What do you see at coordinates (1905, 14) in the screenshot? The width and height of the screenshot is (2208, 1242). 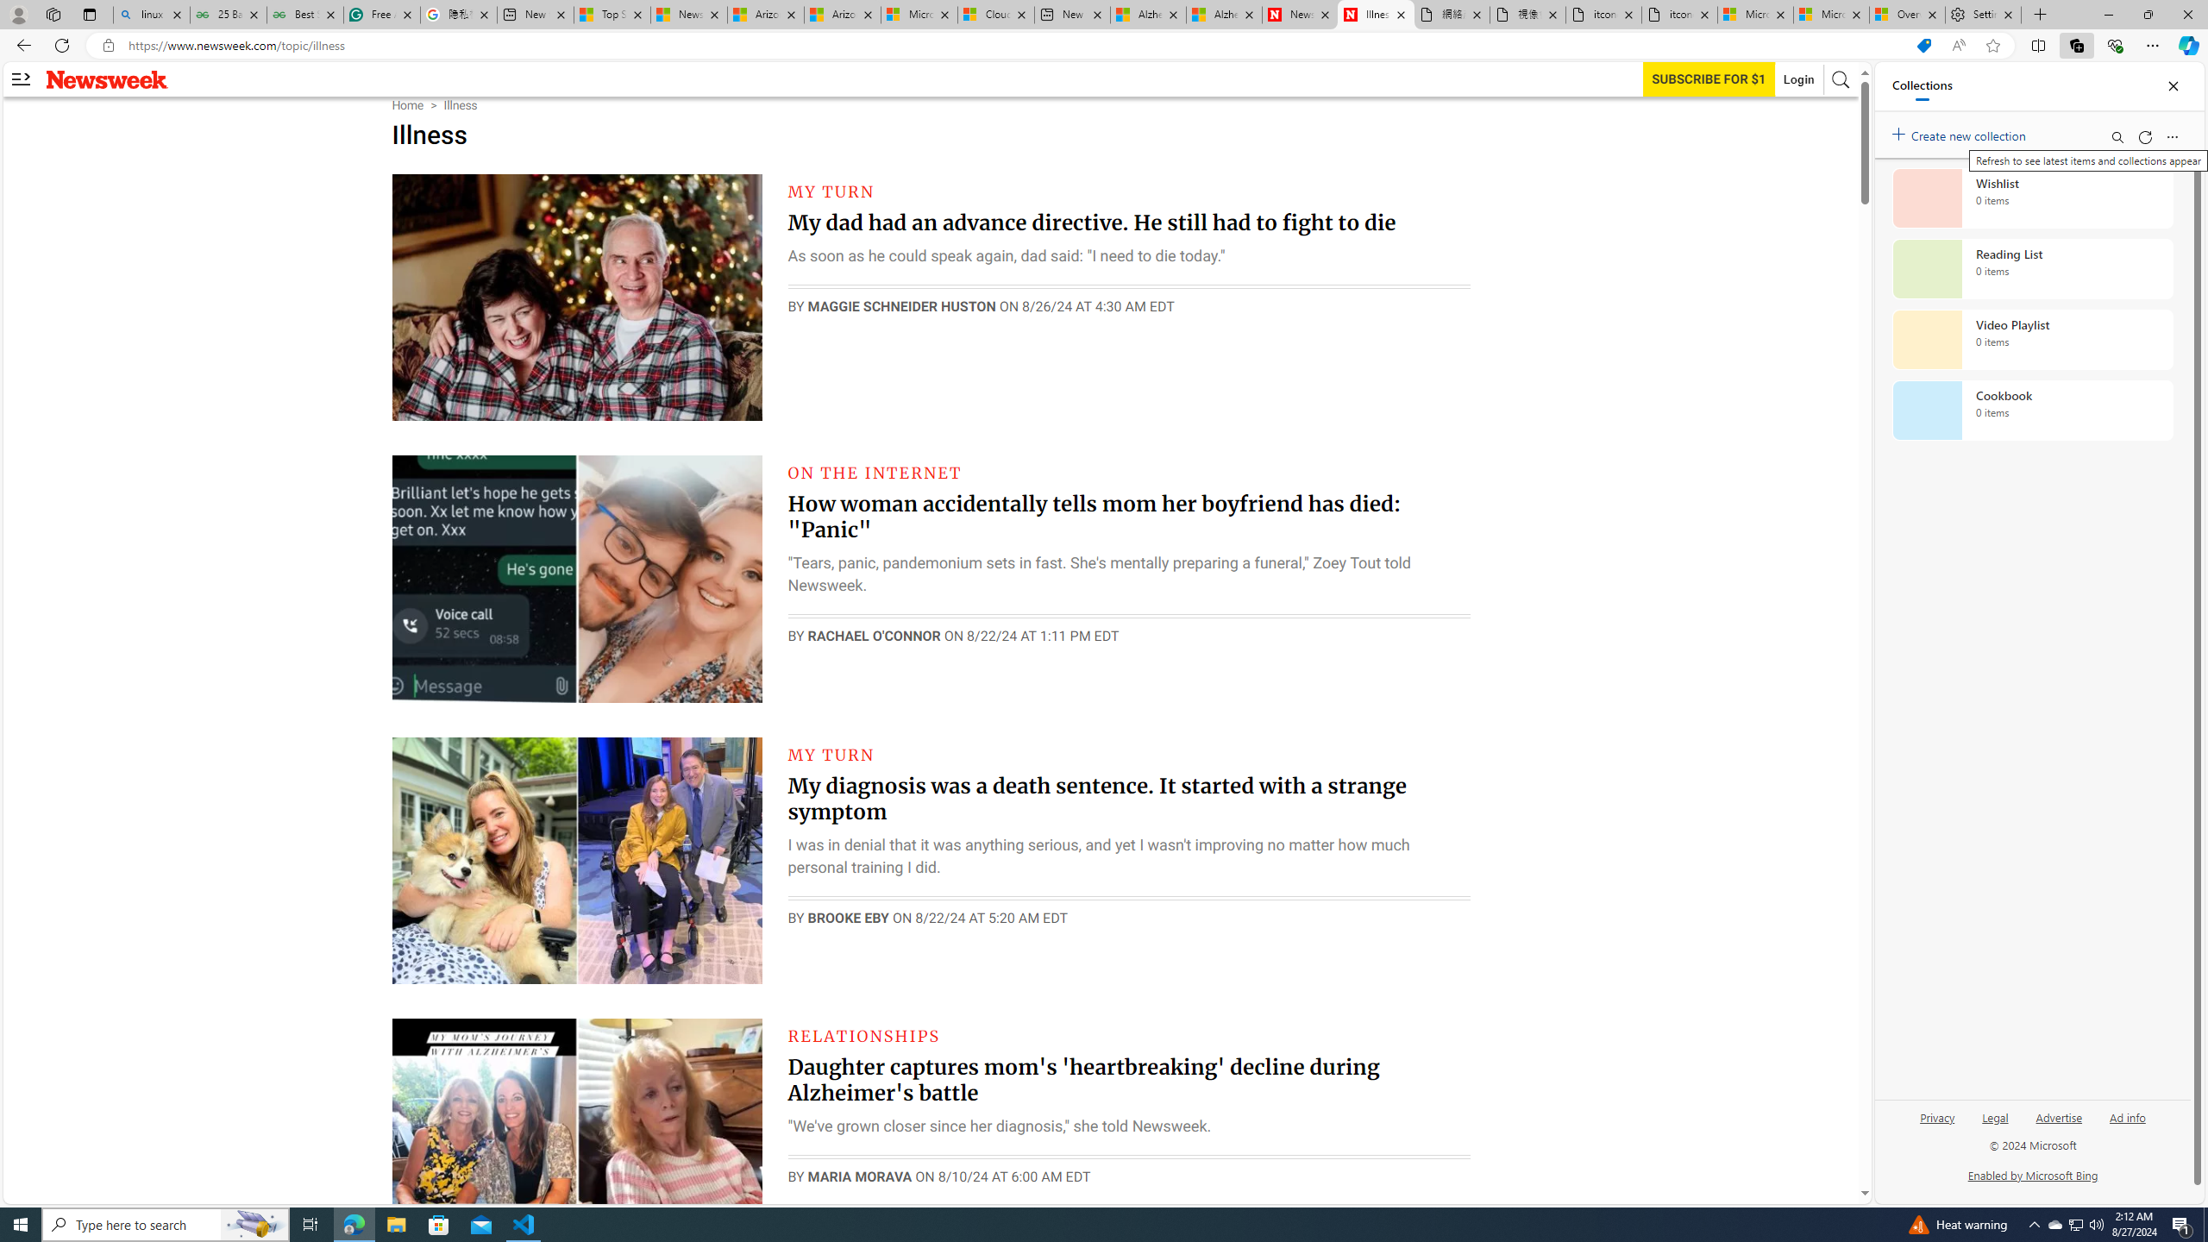 I see `'Overview'` at bounding box center [1905, 14].